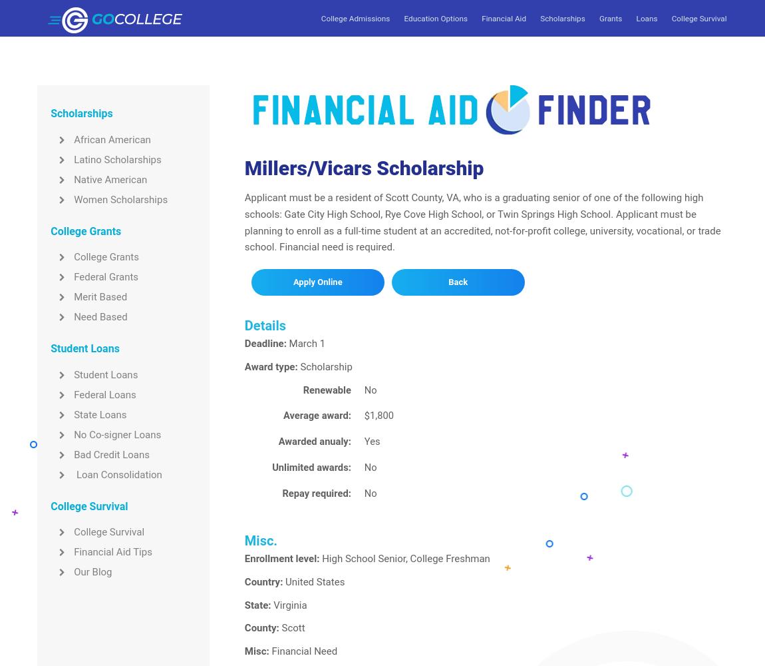 This screenshot has width=765, height=666. What do you see at coordinates (303, 389) in the screenshot?
I see `'Renewable'` at bounding box center [303, 389].